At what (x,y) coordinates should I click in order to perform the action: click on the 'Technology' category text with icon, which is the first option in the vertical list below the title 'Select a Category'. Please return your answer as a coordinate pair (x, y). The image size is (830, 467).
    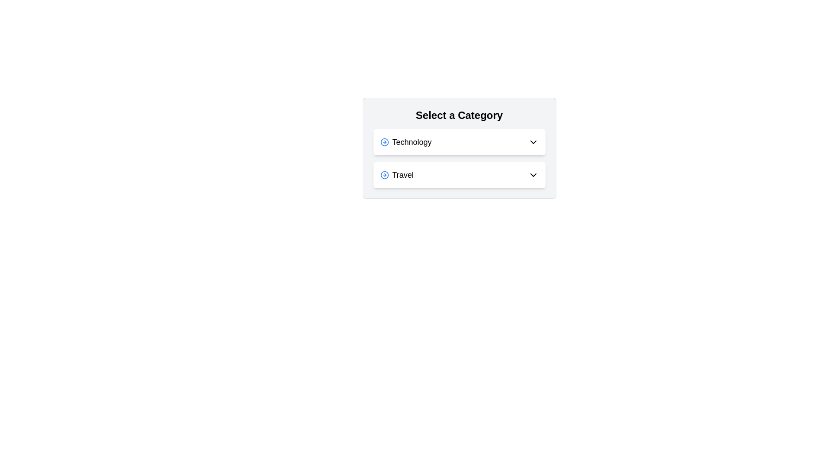
    Looking at the image, I should click on (405, 141).